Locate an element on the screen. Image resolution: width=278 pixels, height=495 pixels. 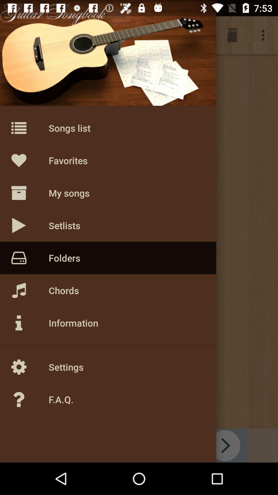
the folders is located at coordinates (19, 35).